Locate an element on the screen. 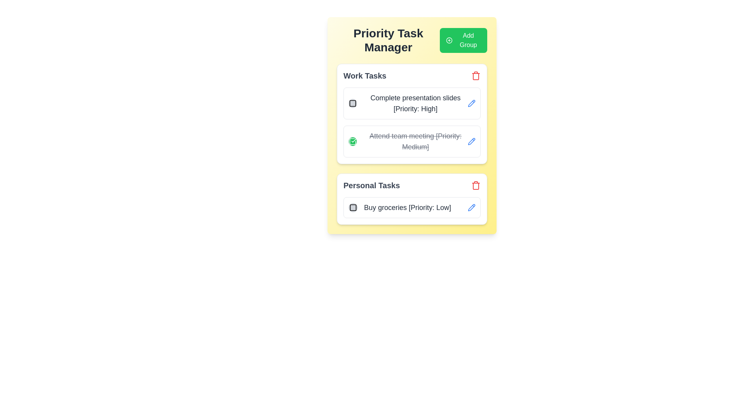  the green checkmark of the second task item labeled 'Attend team meeting [Priority: Medium]' under the 'Work Tasks' section is located at coordinates (411, 144).